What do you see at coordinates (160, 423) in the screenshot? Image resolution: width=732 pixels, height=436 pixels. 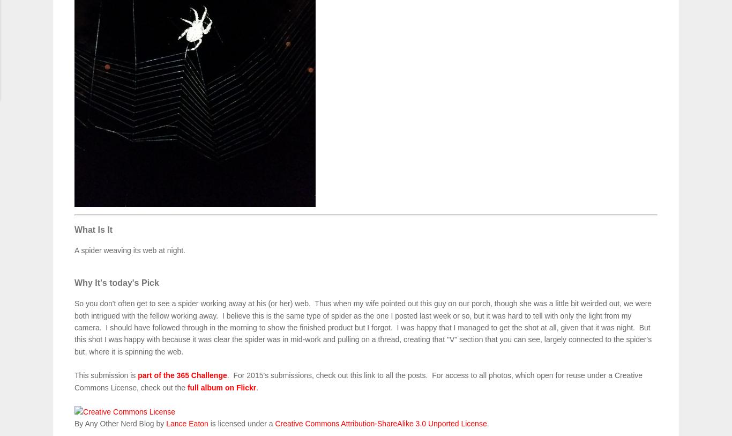 I see `'by'` at bounding box center [160, 423].